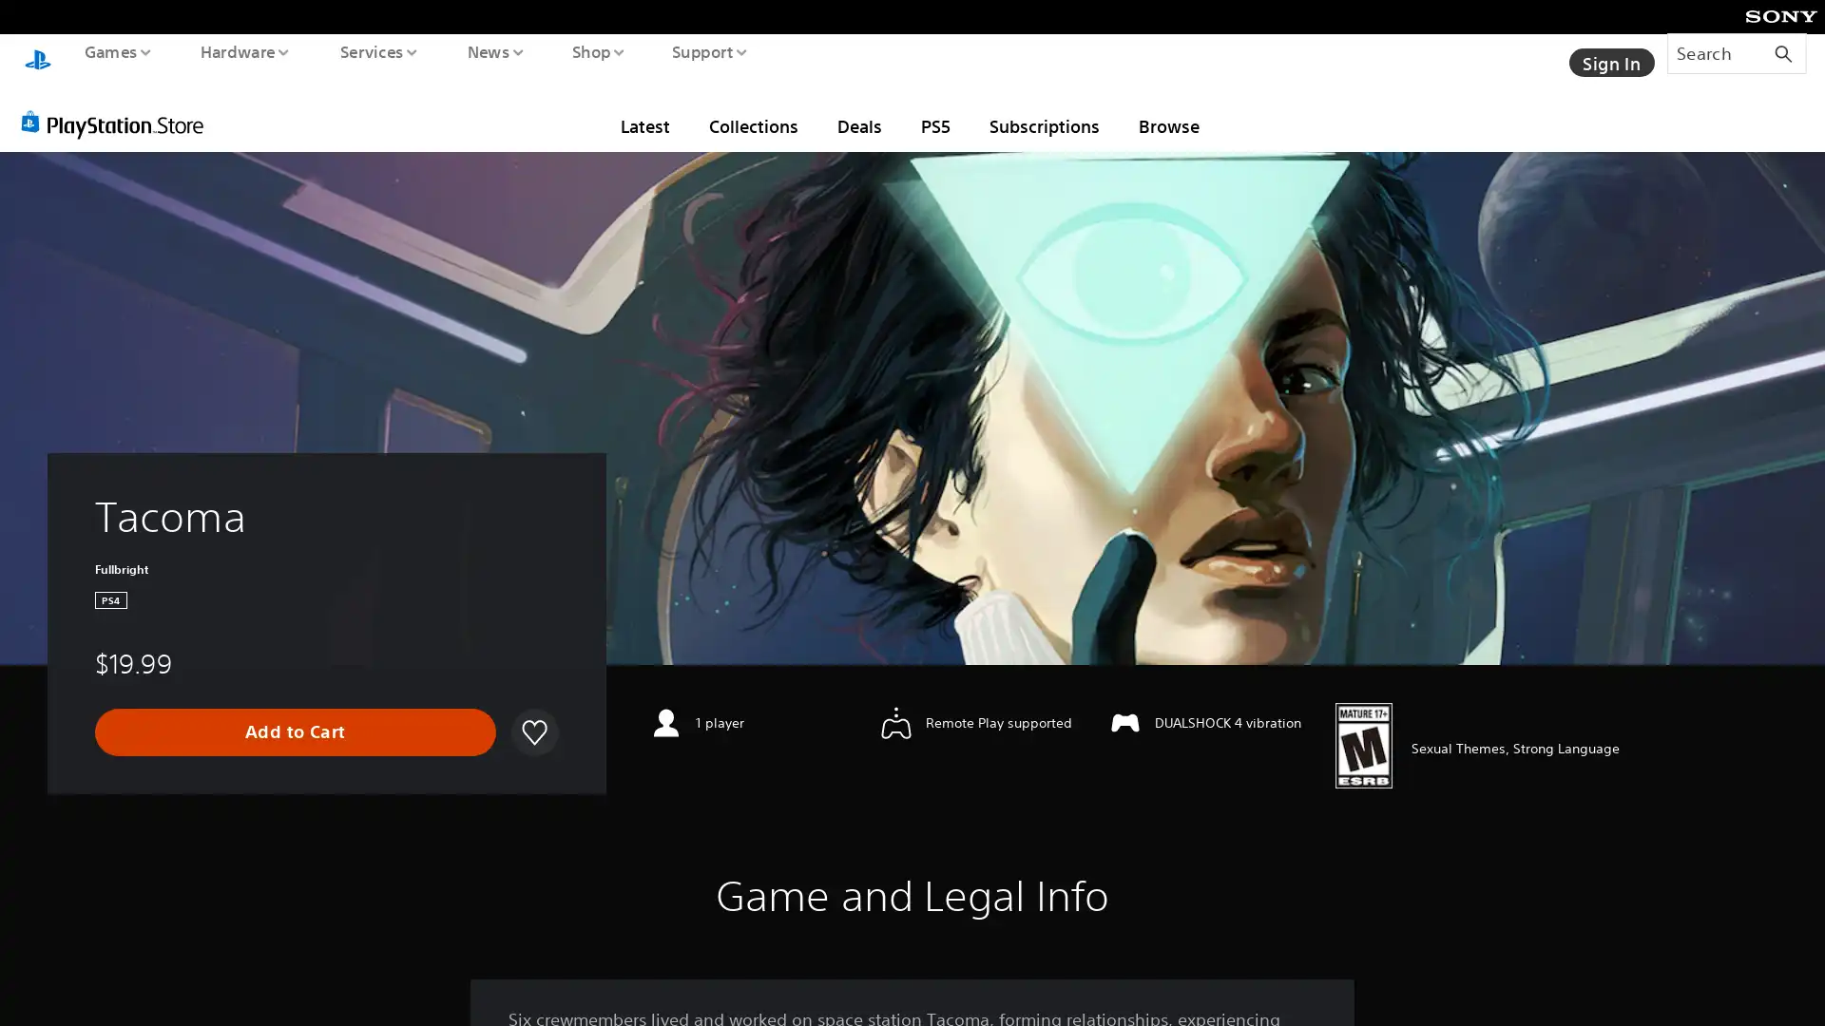 This screenshot has height=1026, width=1825. I want to click on Search, so click(1737, 52).